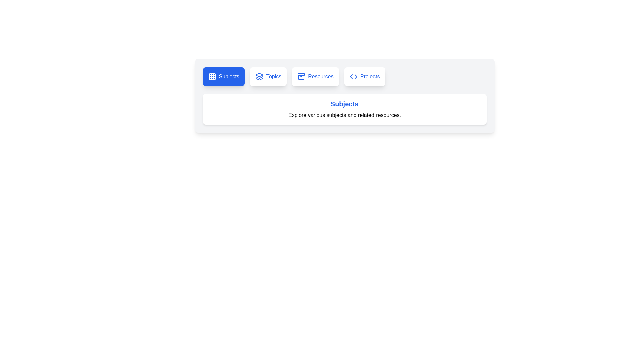 This screenshot has height=361, width=642. Describe the element at coordinates (224, 76) in the screenshot. I see `the tab labeled Subjects` at that location.